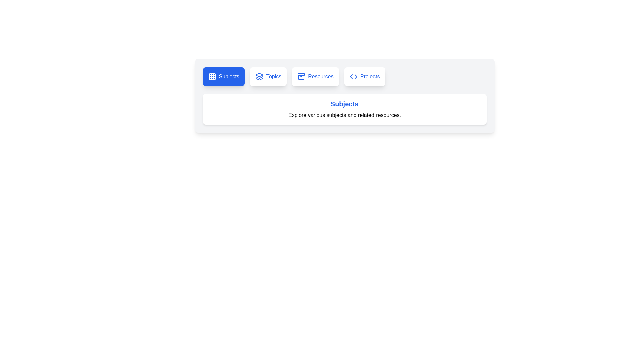 This screenshot has height=361, width=642. Describe the element at coordinates (224, 76) in the screenshot. I see `the tab labeled Subjects` at that location.